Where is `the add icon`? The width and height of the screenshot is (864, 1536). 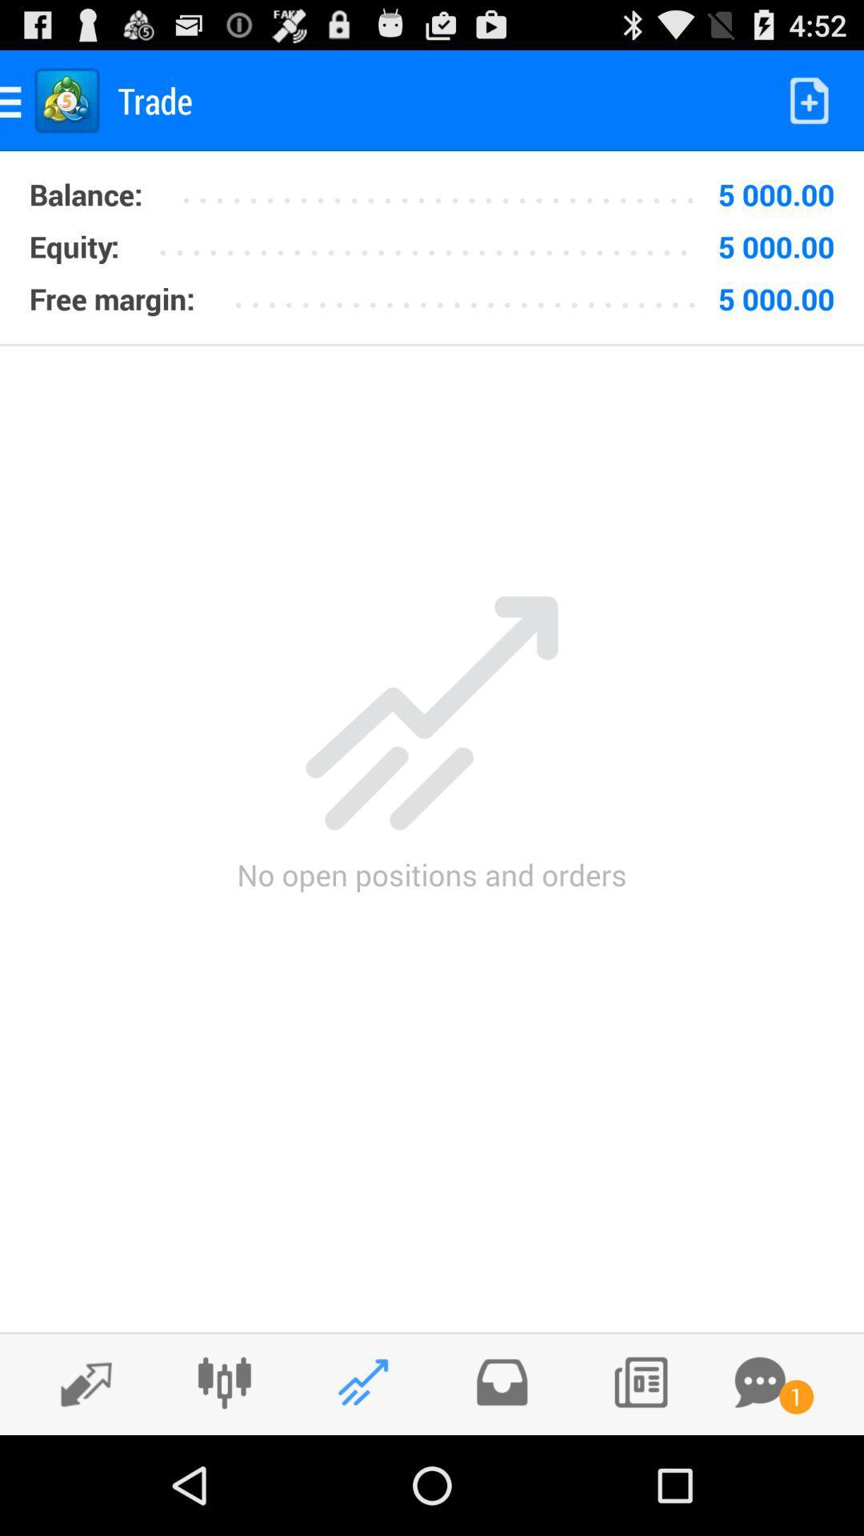
the add icon is located at coordinates (501, 1478).